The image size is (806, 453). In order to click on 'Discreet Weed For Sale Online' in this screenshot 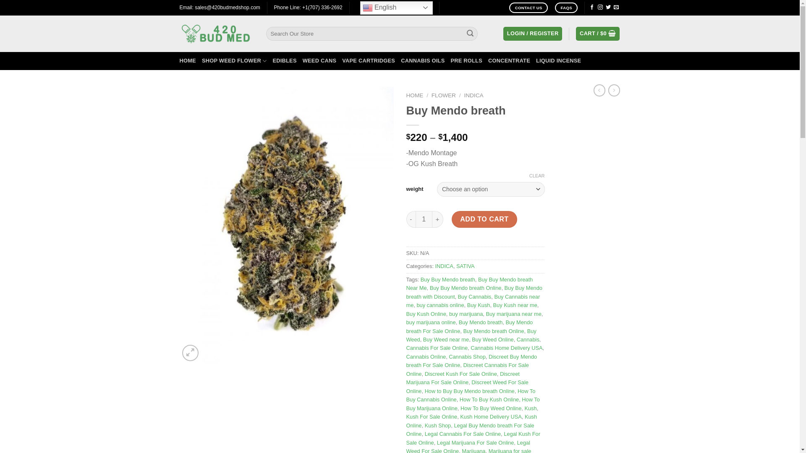, I will do `click(467, 386)`.